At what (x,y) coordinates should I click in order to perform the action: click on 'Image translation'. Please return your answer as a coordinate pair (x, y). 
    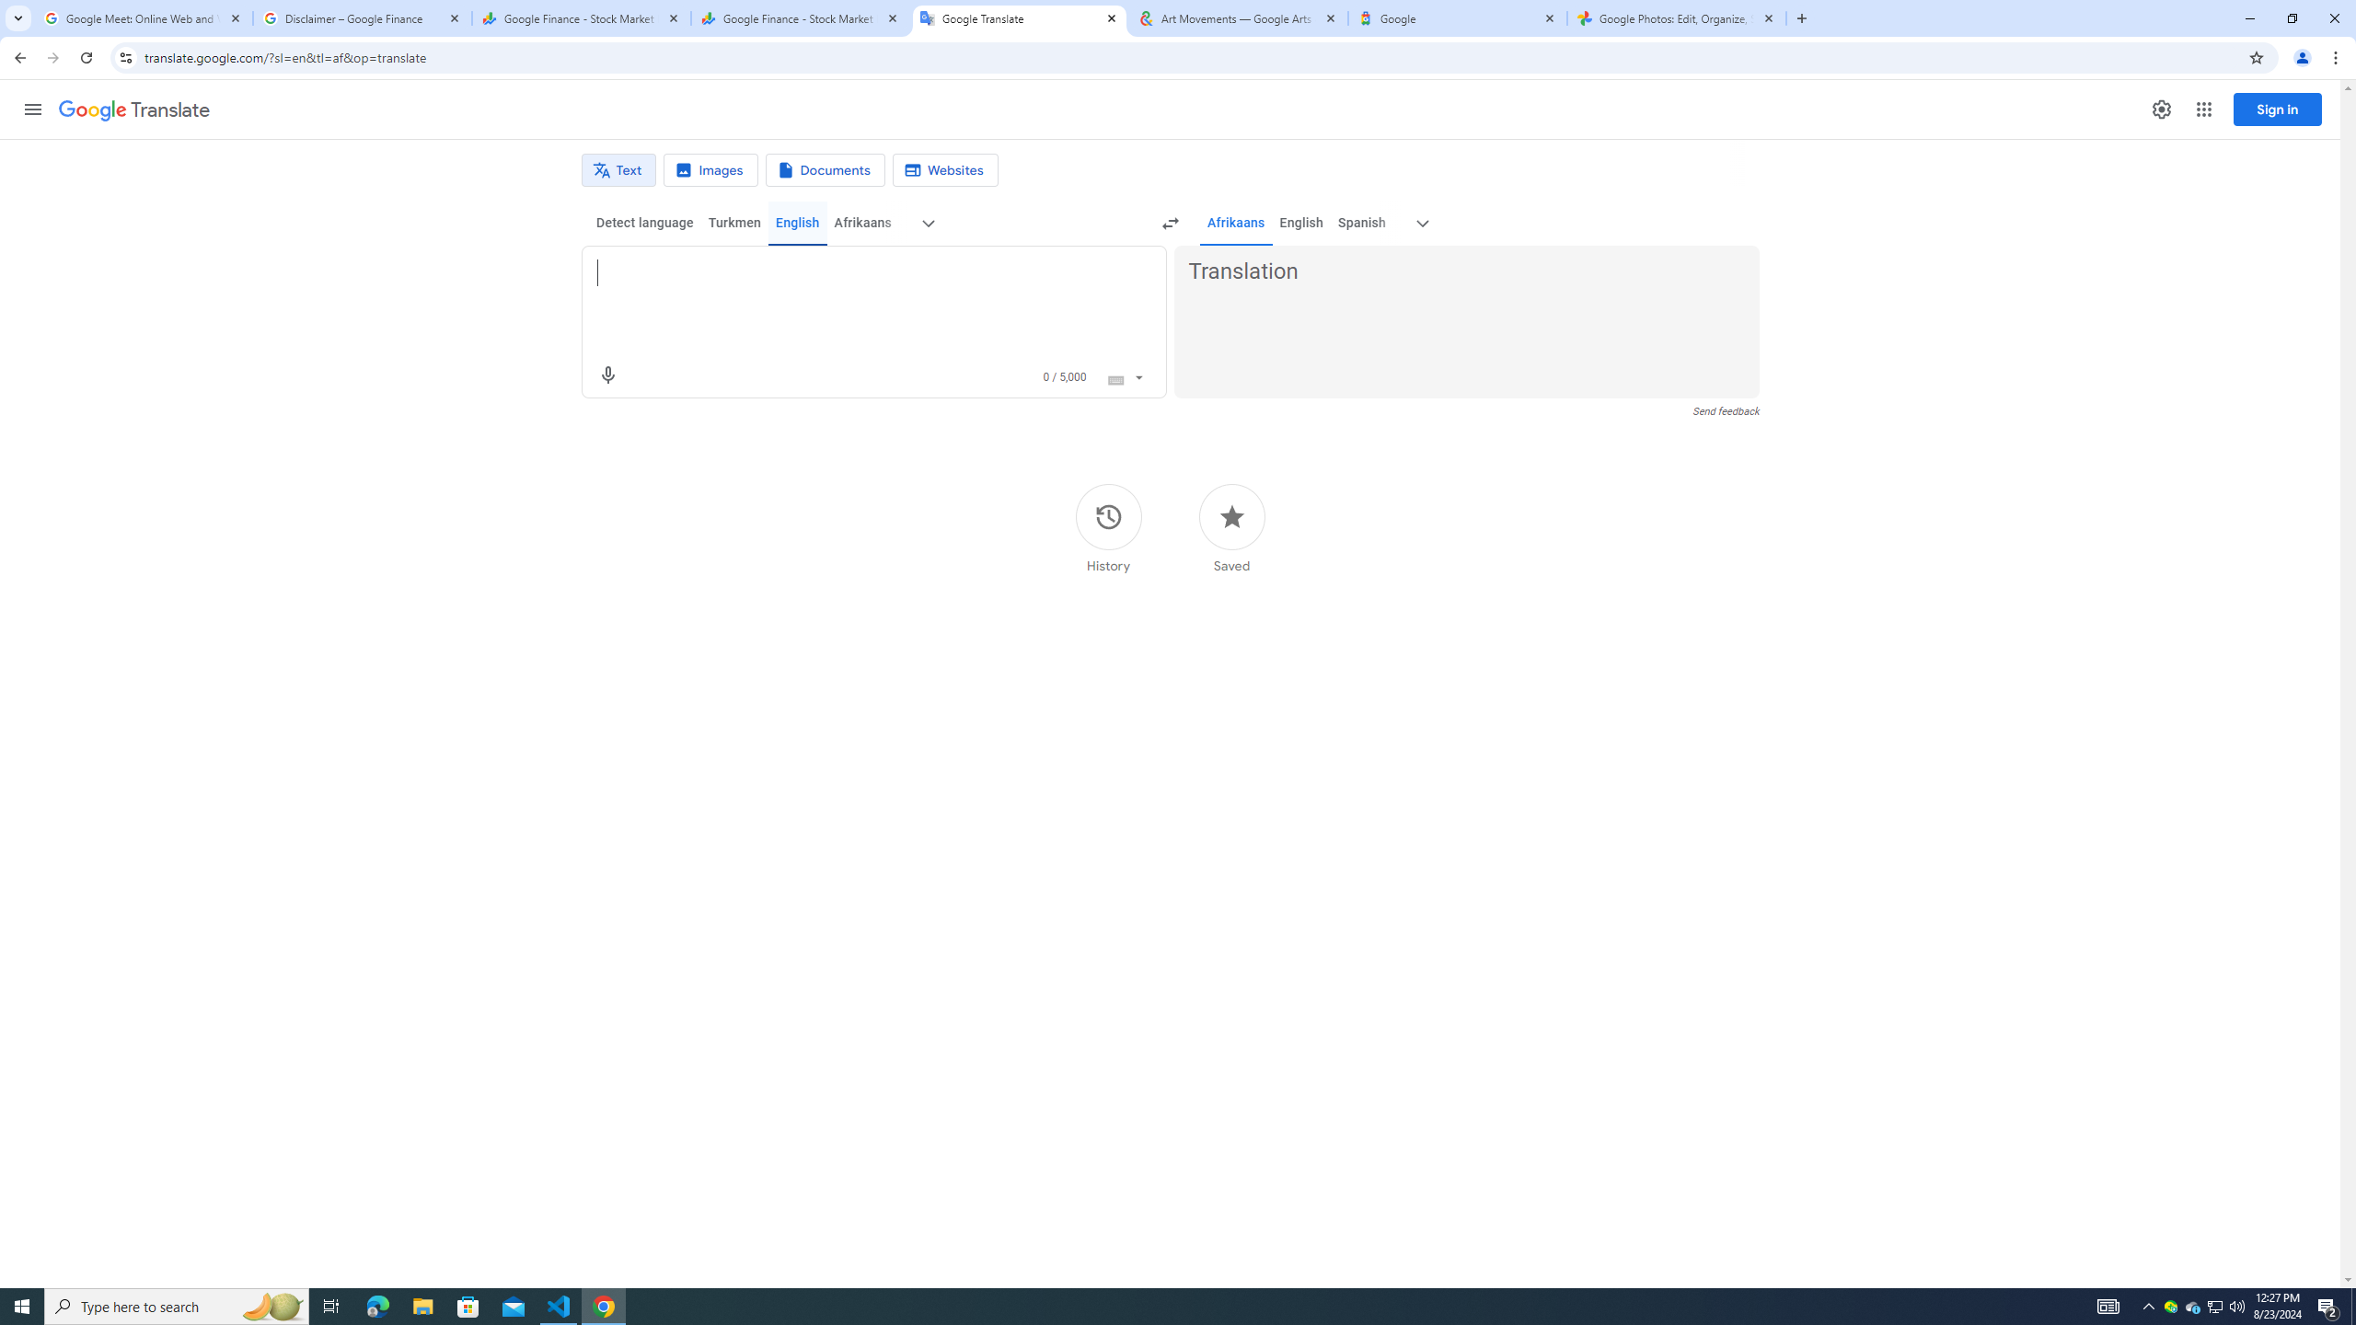
    Looking at the image, I should click on (711, 169).